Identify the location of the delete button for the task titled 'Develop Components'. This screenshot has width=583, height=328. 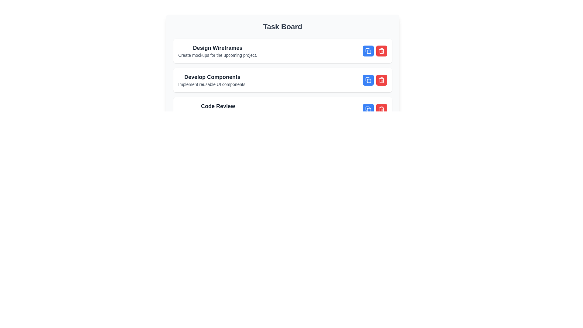
(381, 80).